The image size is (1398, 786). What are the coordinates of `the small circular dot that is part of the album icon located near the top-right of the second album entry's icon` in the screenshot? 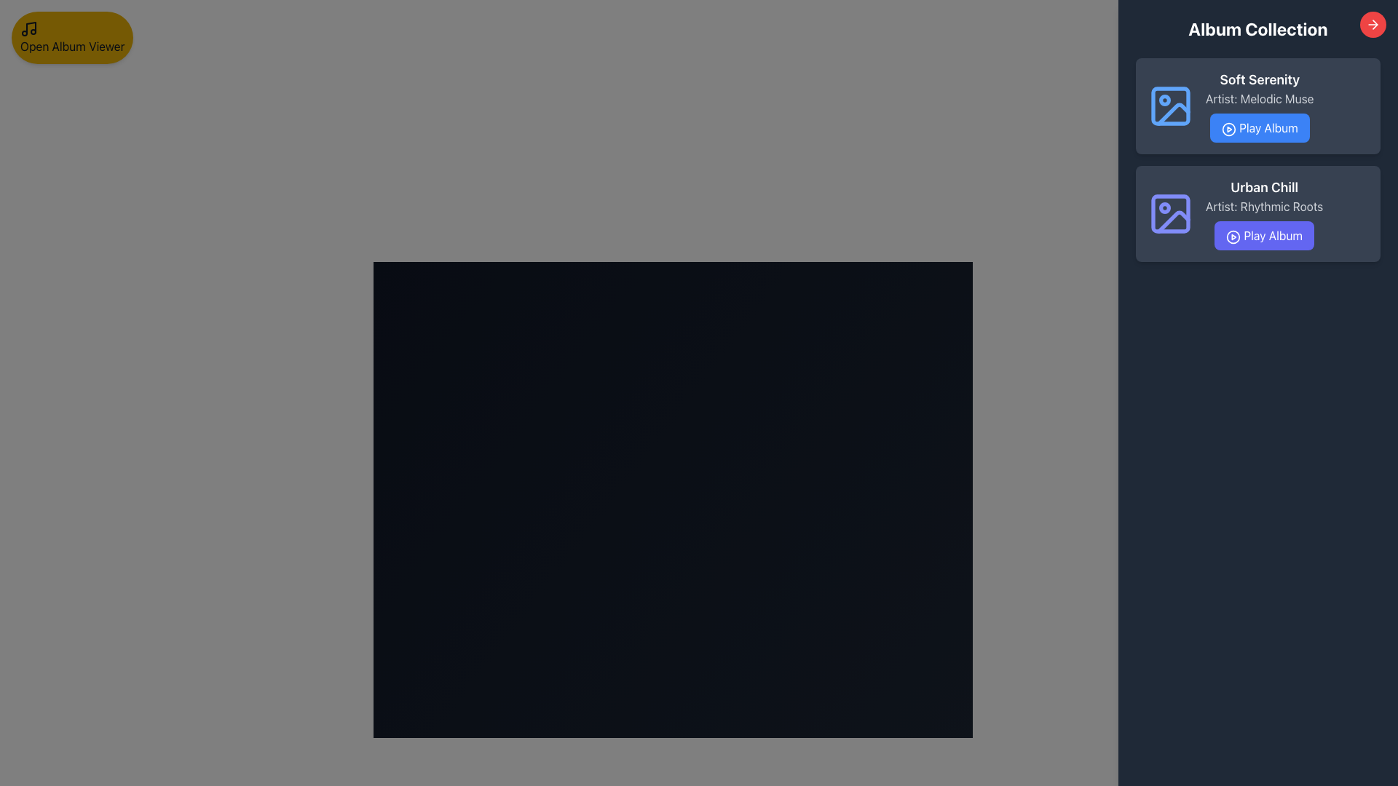 It's located at (1164, 207).